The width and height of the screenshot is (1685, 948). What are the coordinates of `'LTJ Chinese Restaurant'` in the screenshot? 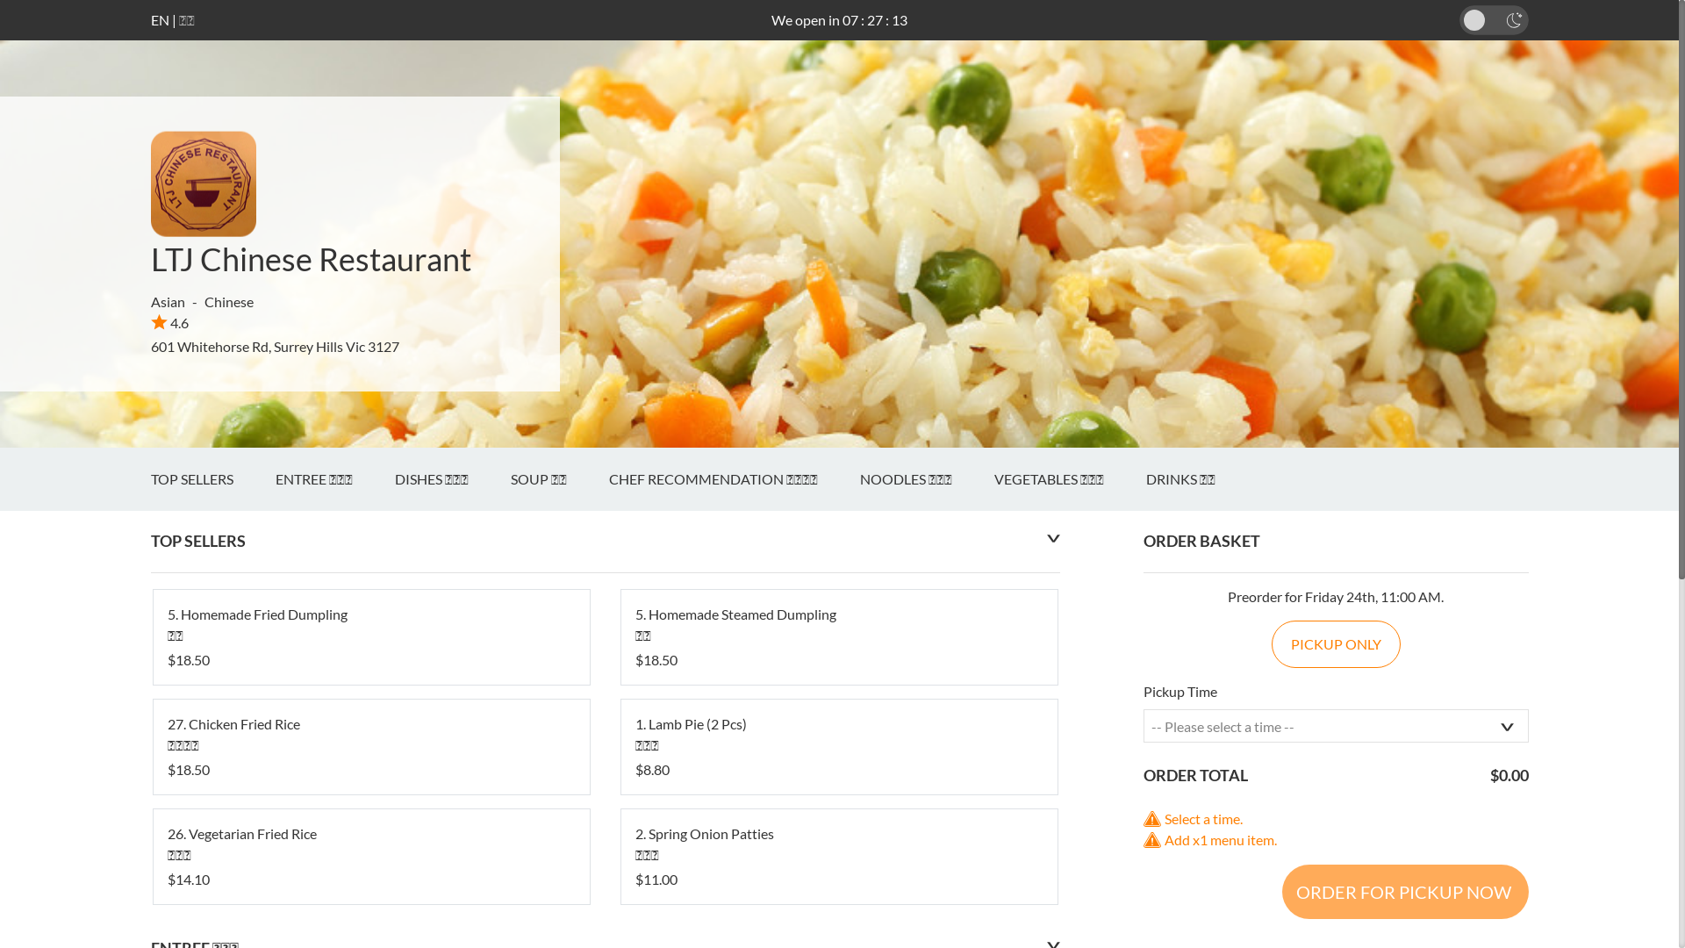 It's located at (311, 258).